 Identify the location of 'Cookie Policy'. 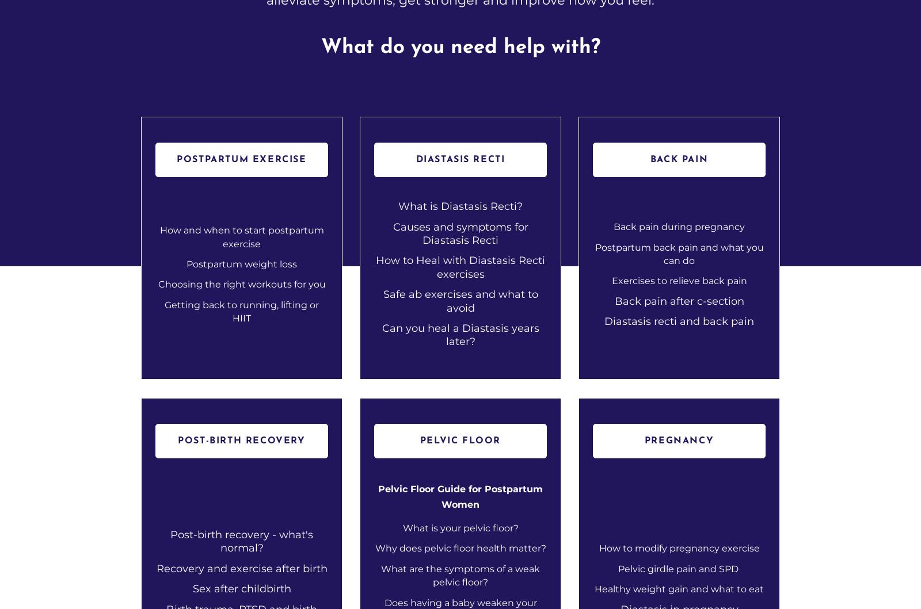
(715, 427).